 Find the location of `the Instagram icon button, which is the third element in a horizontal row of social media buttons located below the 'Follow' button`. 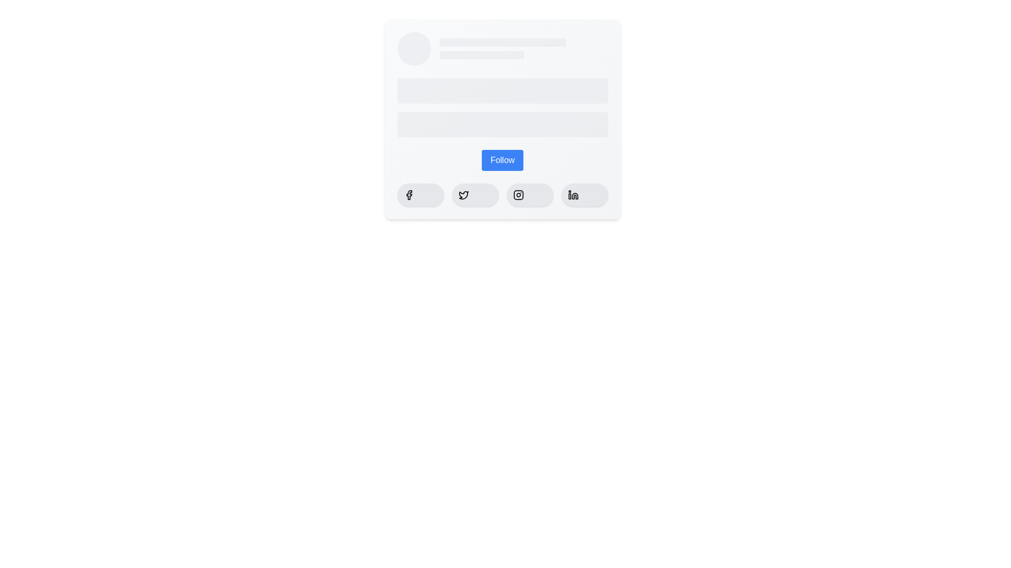

the Instagram icon button, which is the third element in a horizontal row of social media buttons located below the 'Follow' button is located at coordinates (518, 195).